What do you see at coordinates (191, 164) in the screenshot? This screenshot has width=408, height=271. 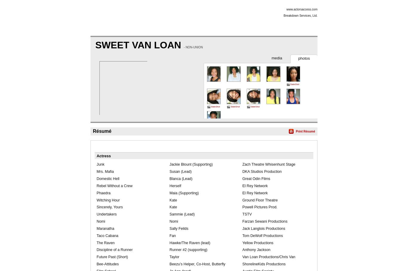 I see `'Jackie Blount (Supporting)'` at bounding box center [191, 164].